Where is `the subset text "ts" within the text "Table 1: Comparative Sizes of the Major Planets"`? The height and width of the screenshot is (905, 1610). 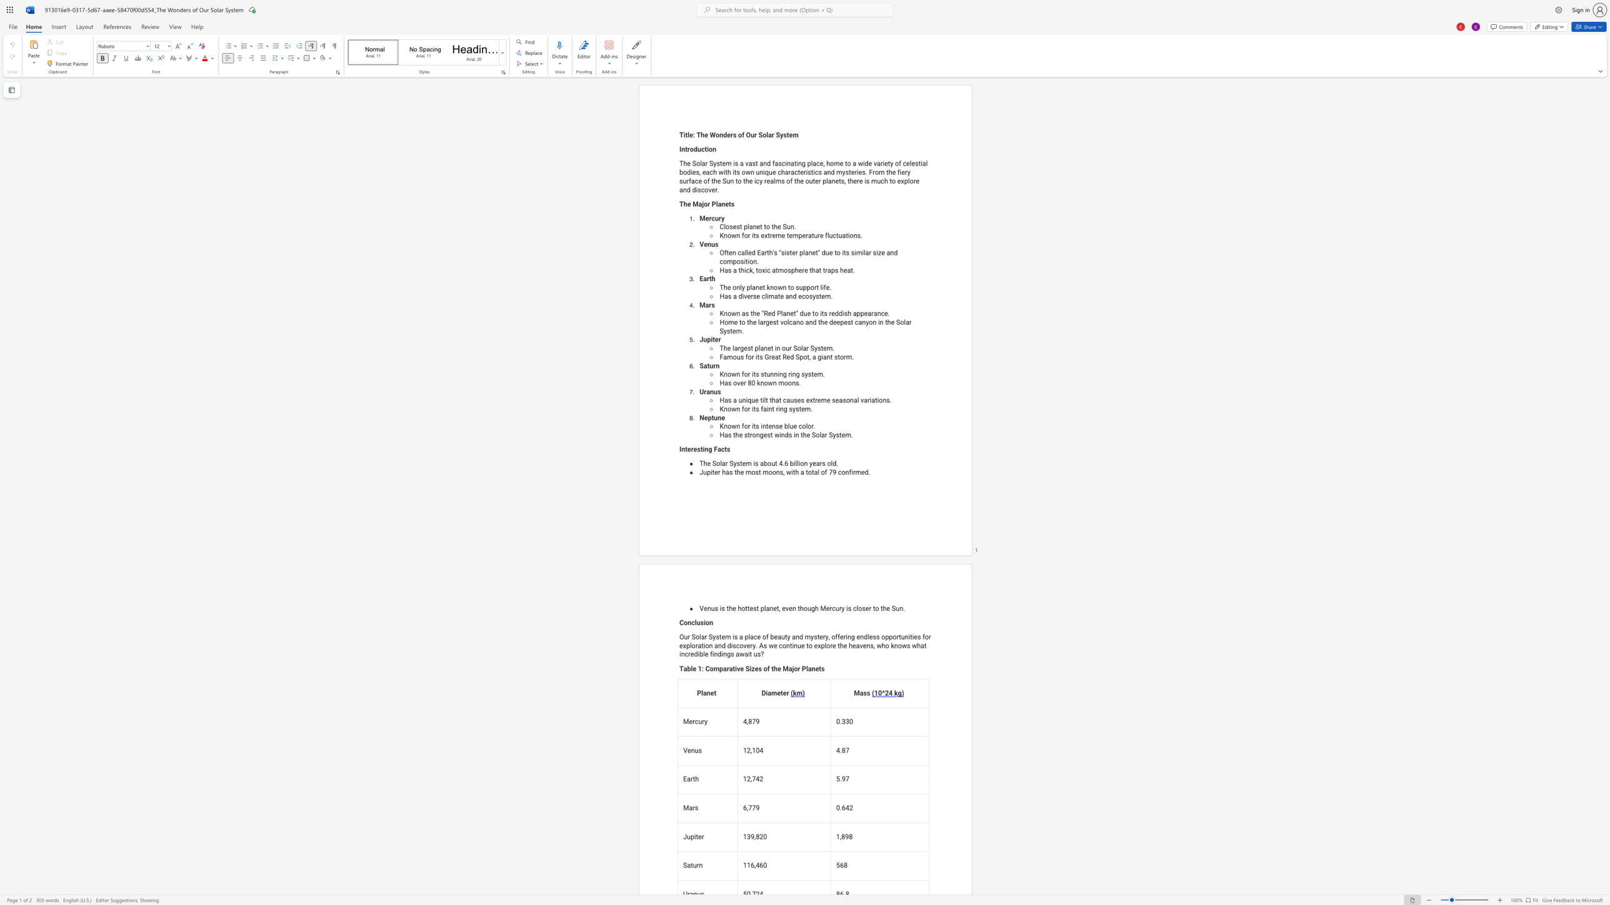 the subset text "ts" within the text "Table 1: Comparative Sizes of the Major Planets" is located at coordinates (818, 669).